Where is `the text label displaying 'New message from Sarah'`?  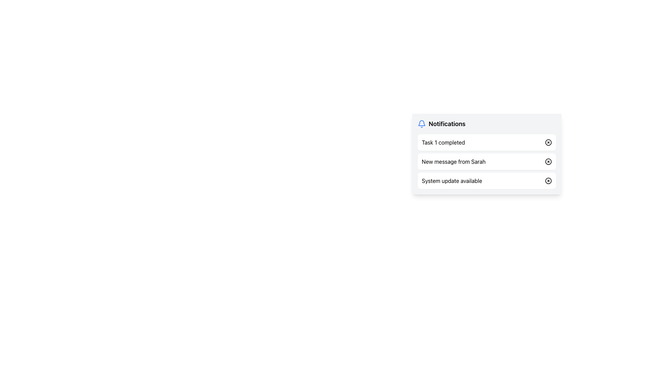 the text label displaying 'New message from Sarah' is located at coordinates (453, 161).